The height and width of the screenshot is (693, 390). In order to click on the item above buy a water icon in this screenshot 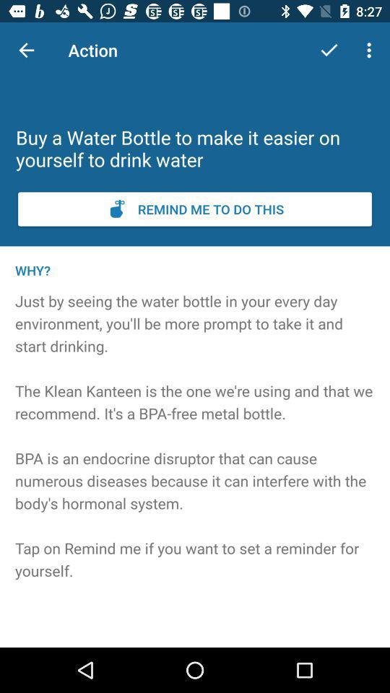, I will do `click(370, 50)`.